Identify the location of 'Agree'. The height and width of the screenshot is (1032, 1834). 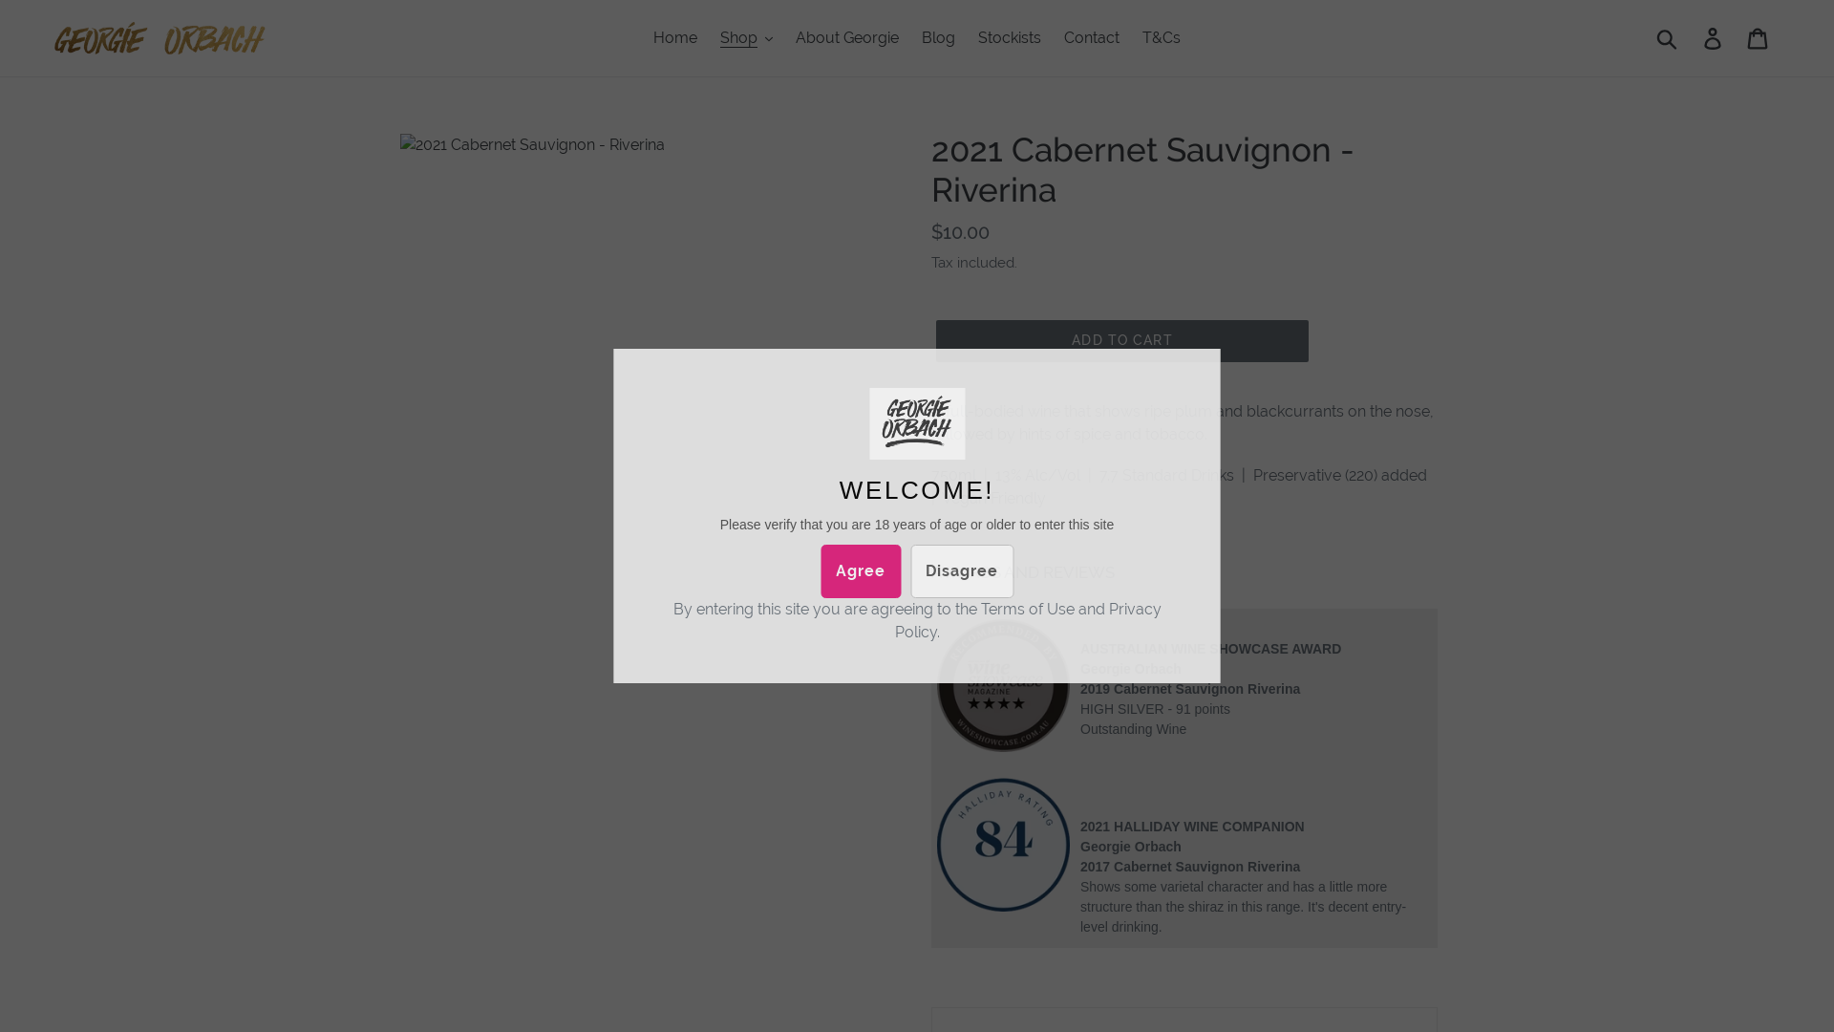
(860, 570).